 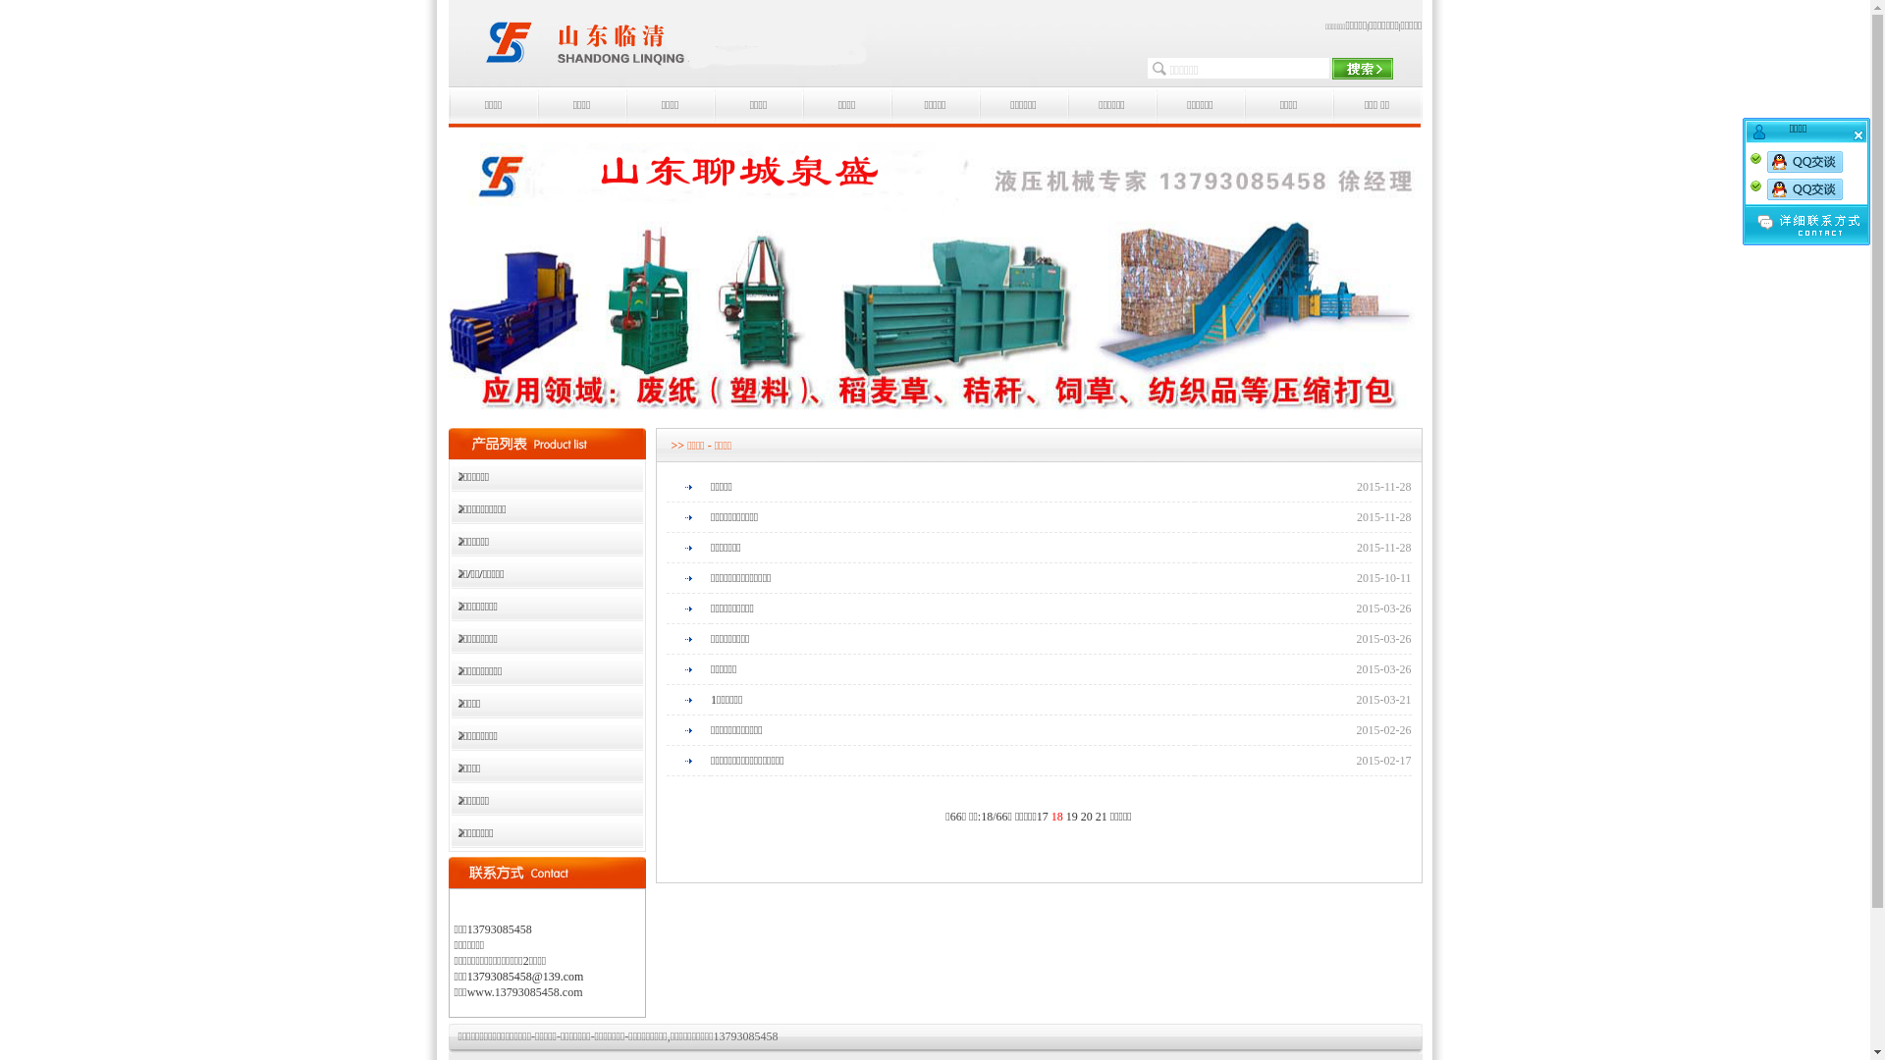 What do you see at coordinates (525, 977) in the screenshot?
I see `'13793085458@139.com'` at bounding box center [525, 977].